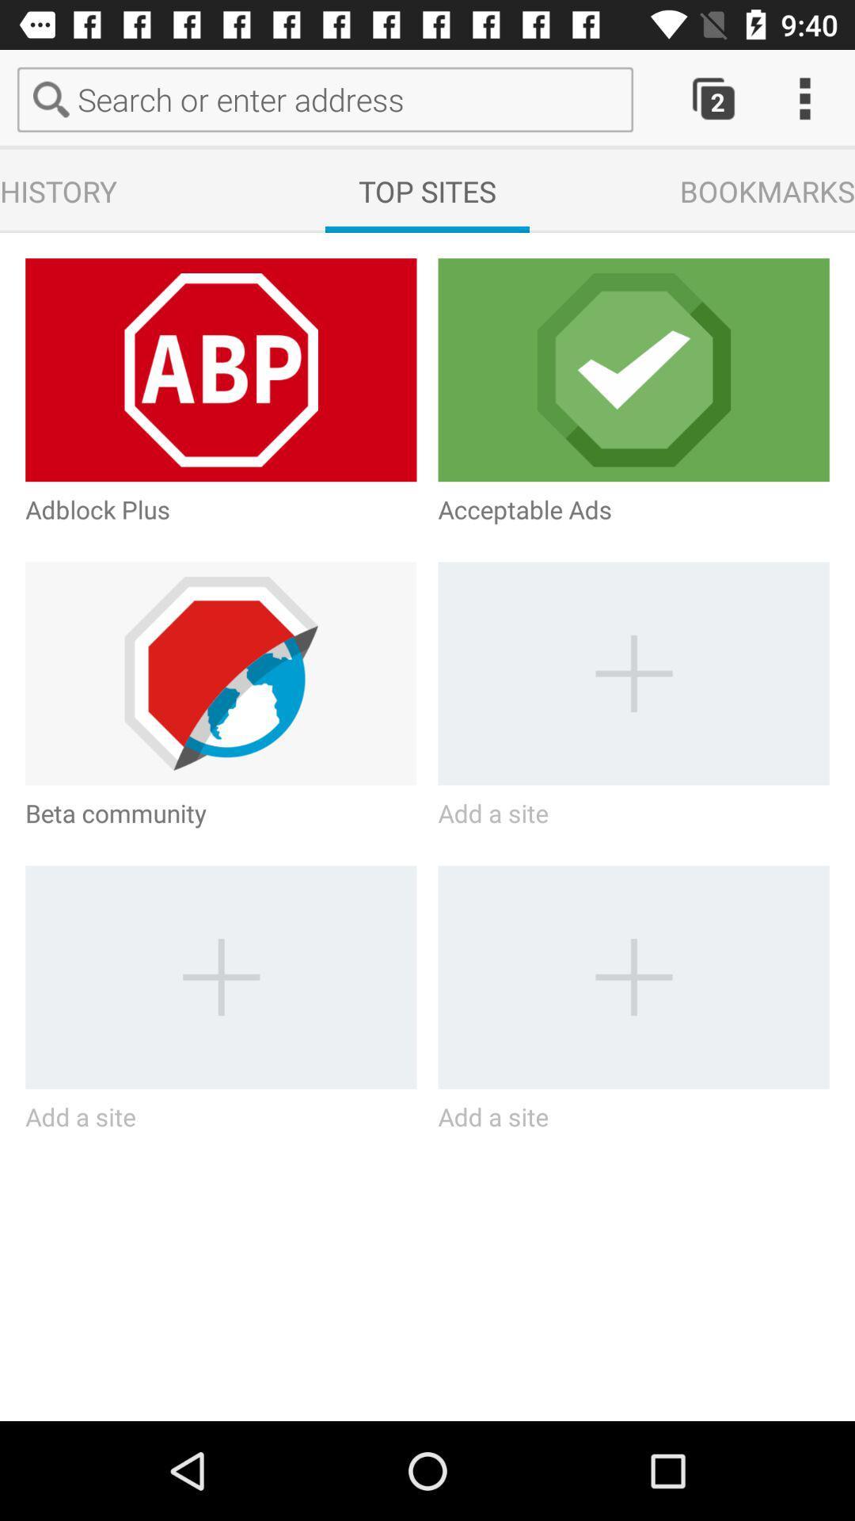 Image resolution: width=855 pixels, height=1521 pixels. Describe the element at coordinates (633, 673) in the screenshot. I see `the add a site which is in second row second column` at that location.